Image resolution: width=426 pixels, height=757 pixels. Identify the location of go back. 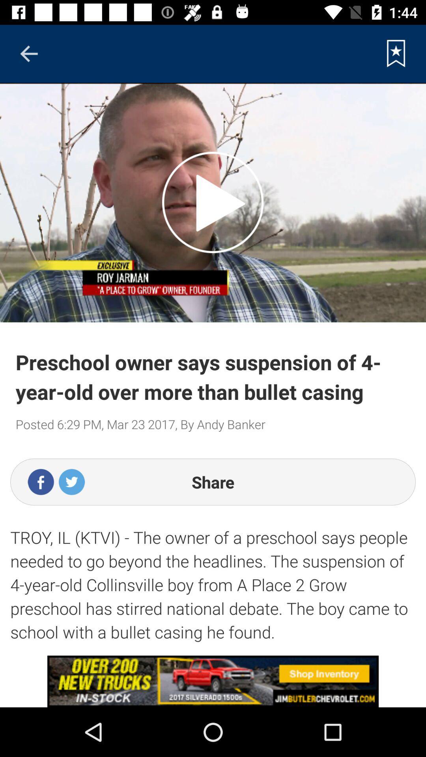
(28, 53).